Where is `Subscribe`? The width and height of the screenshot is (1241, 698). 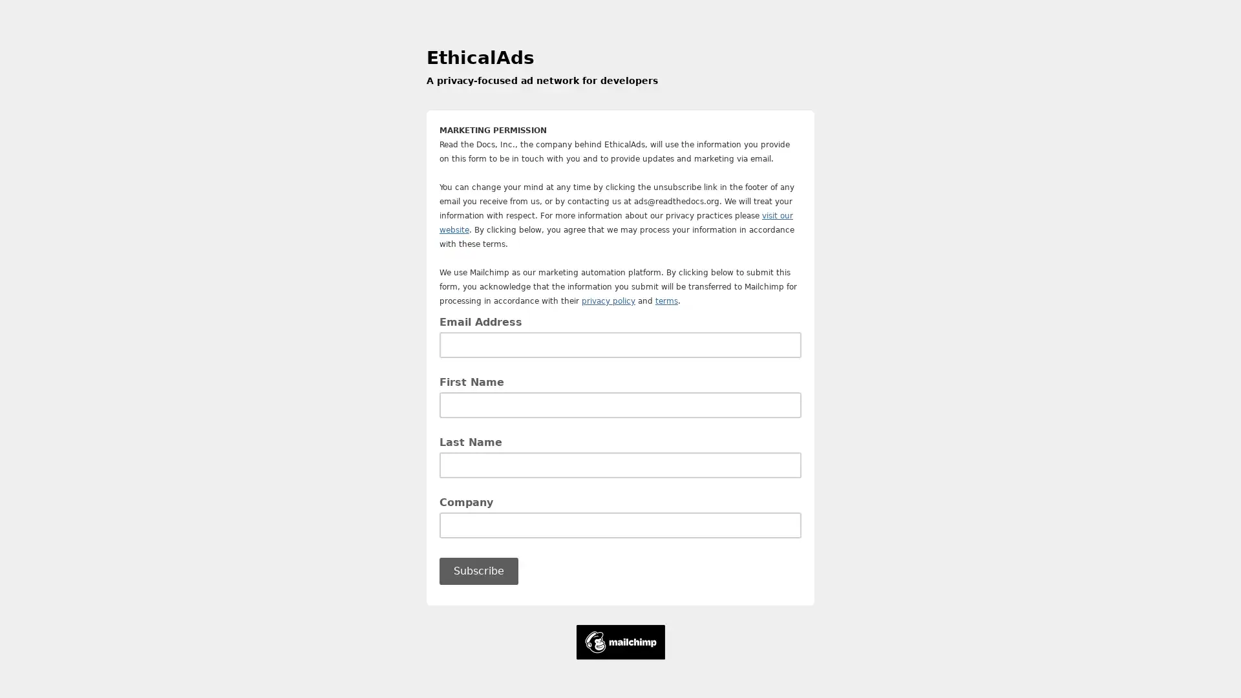
Subscribe is located at coordinates (478, 570).